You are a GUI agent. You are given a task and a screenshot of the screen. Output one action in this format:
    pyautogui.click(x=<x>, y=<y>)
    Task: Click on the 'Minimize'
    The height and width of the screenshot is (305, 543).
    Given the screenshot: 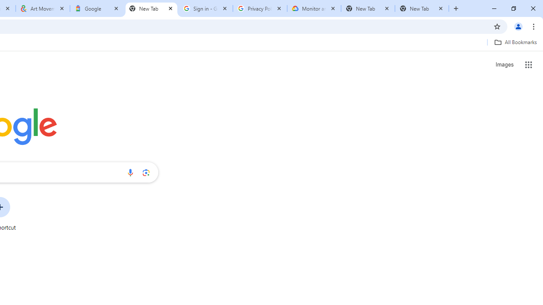 What is the action you would take?
    pyautogui.click(x=494, y=8)
    